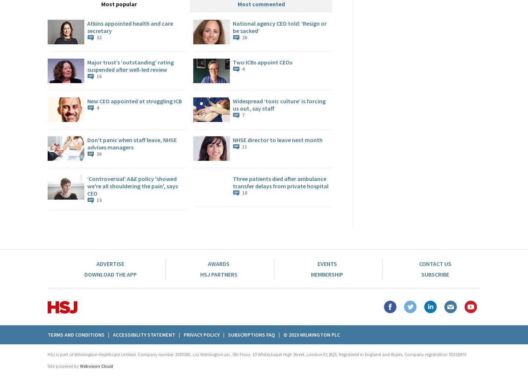 This screenshot has height=378, width=528. What do you see at coordinates (311, 334) in the screenshot?
I see `'© 2023 Wilmington plc'` at bounding box center [311, 334].